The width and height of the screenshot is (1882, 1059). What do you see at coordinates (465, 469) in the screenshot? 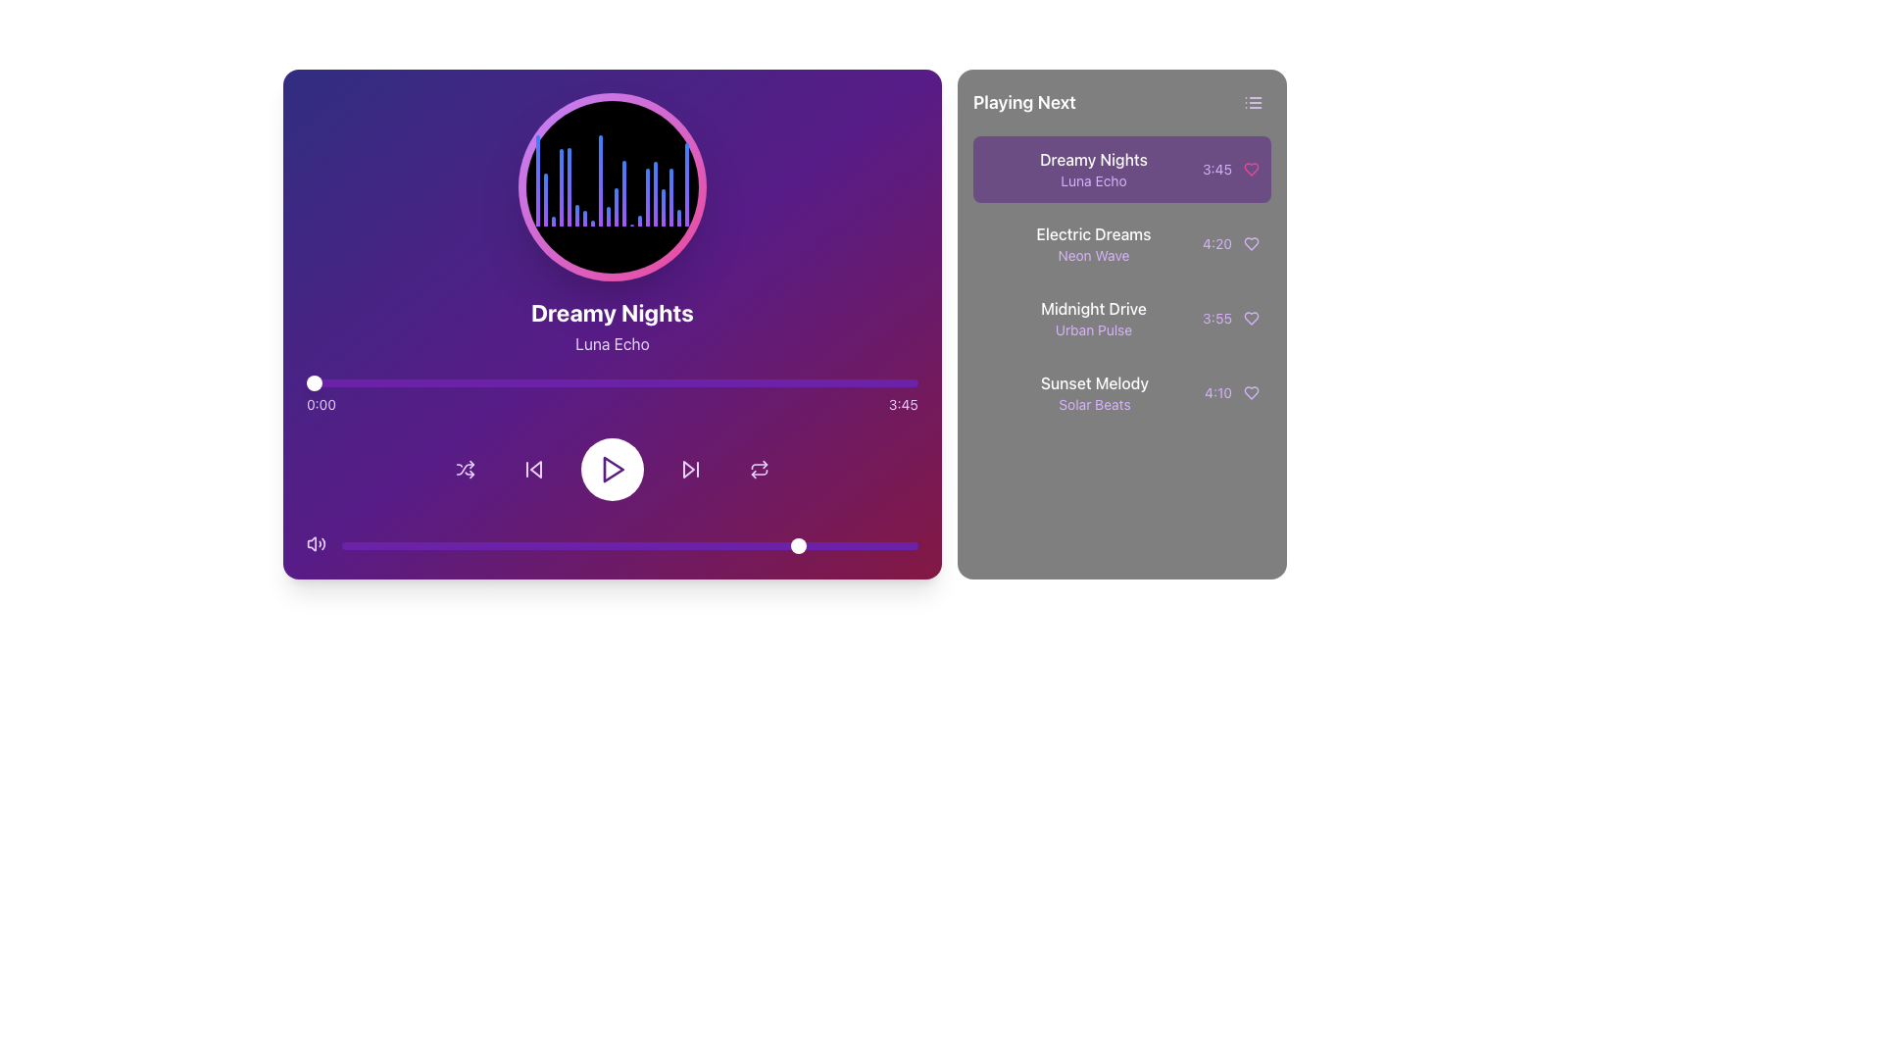
I see `the shuffle button located below the media progress bar, to the left of the navigation buttons` at bounding box center [465, 469].